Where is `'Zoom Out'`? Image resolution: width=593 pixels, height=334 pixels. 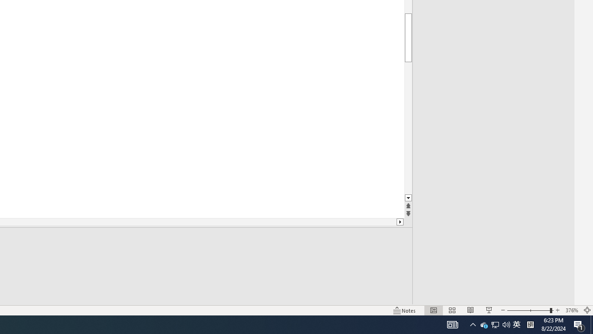 'Zoom Out' is located at coordinates (528, 310).